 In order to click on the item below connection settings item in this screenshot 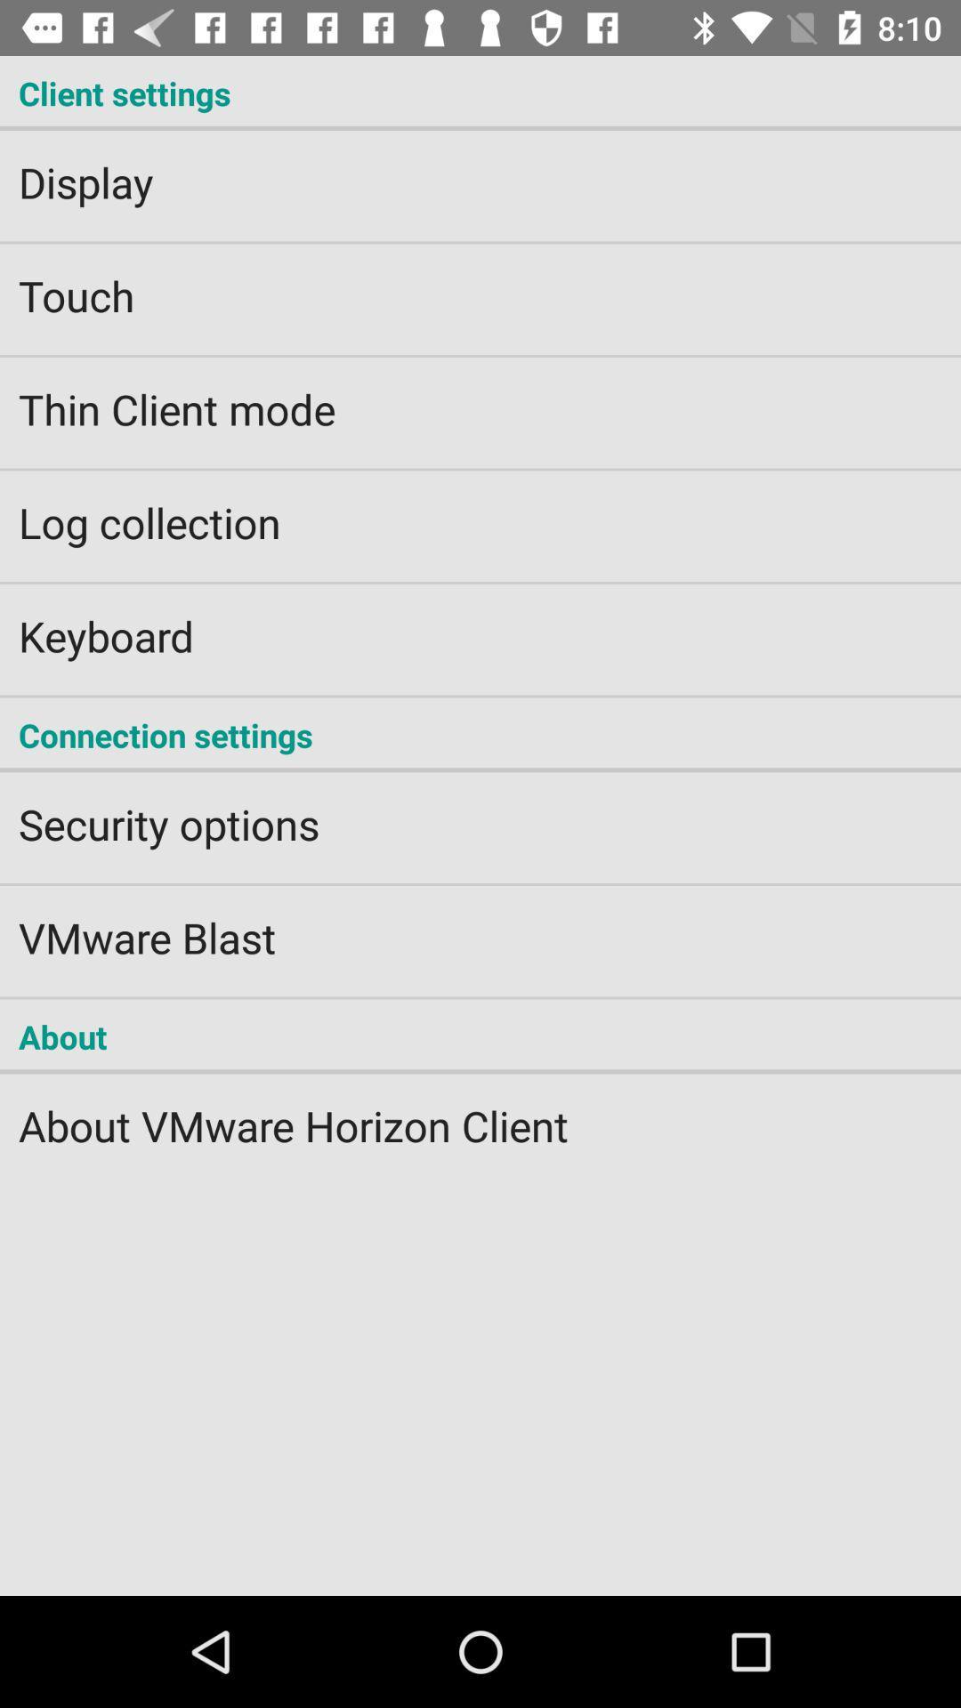, I will do `click(480, 811)`.